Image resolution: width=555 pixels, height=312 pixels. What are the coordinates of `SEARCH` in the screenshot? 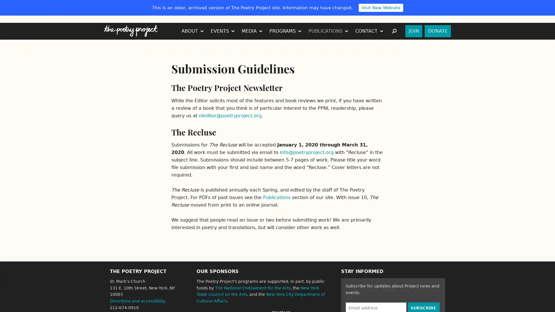 It's located at (395, 31).